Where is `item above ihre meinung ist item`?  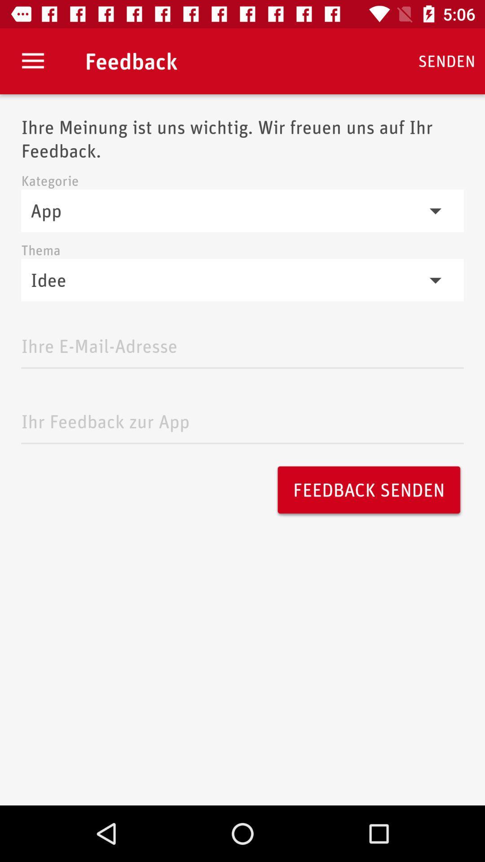
item above ihre meinung ist item is located at coordinates (32, 61).